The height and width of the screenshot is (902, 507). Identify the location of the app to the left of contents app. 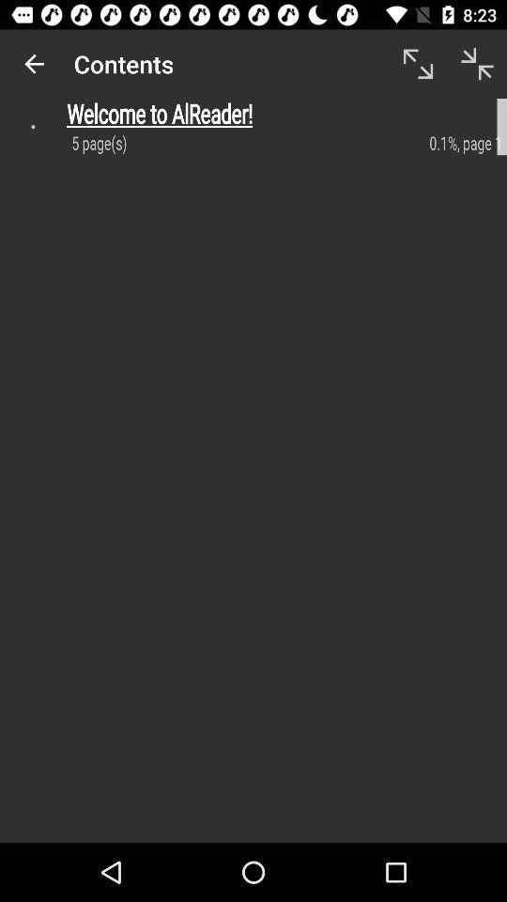
(34, 64).